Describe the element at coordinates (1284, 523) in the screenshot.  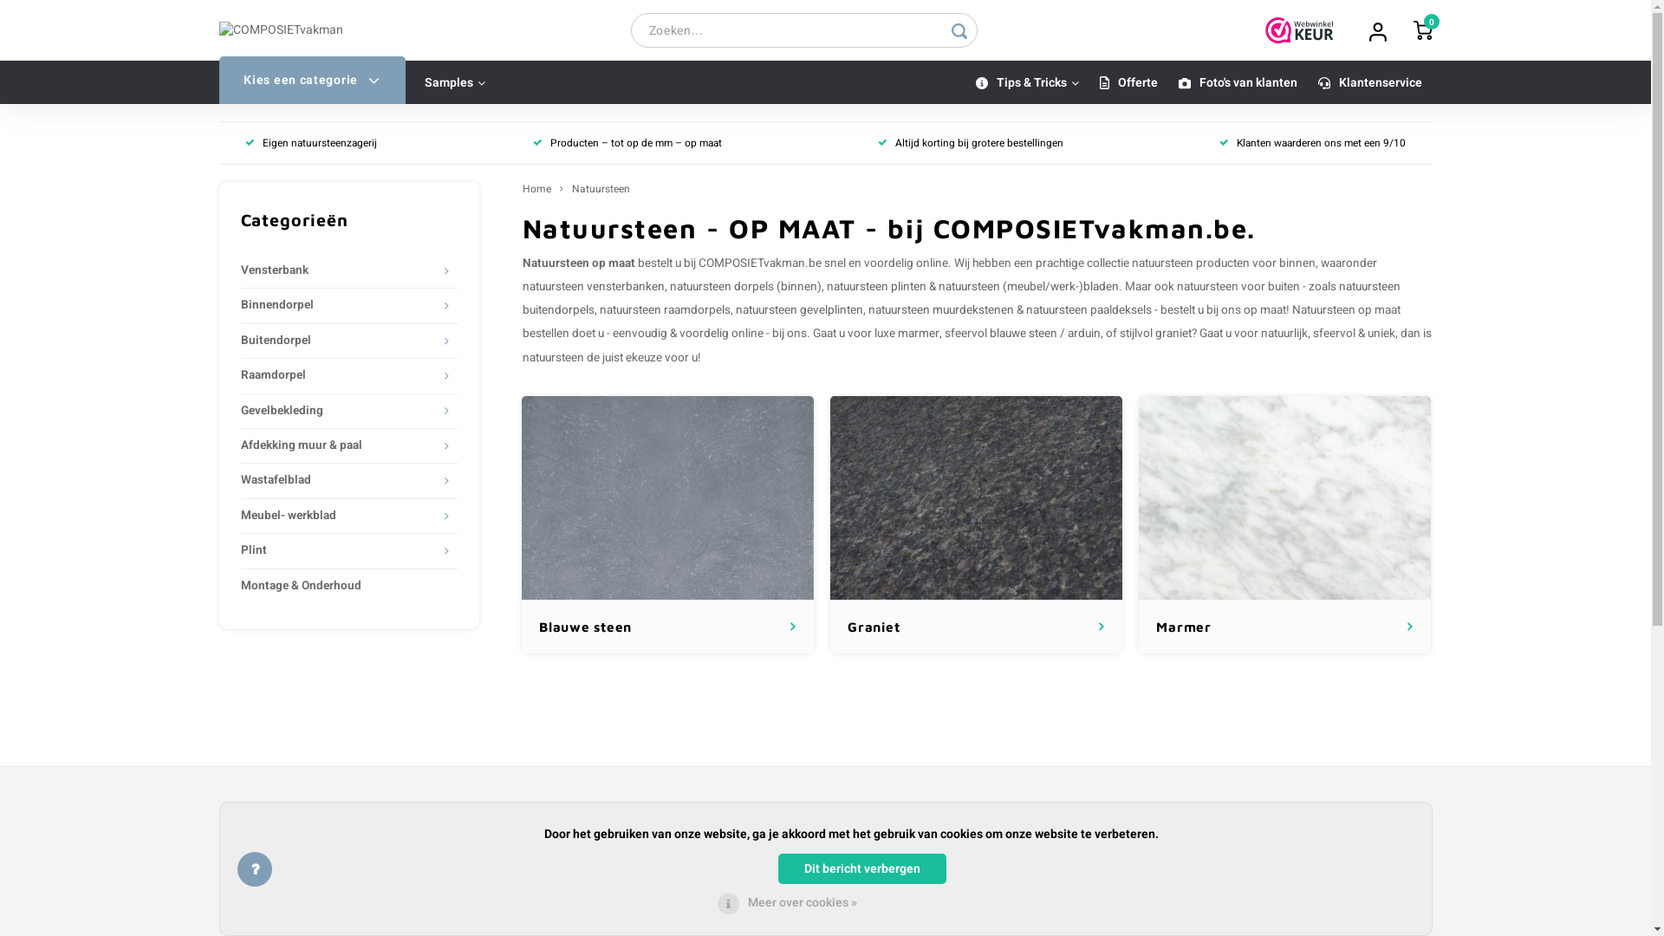
I see `'Marmer'` at that location.